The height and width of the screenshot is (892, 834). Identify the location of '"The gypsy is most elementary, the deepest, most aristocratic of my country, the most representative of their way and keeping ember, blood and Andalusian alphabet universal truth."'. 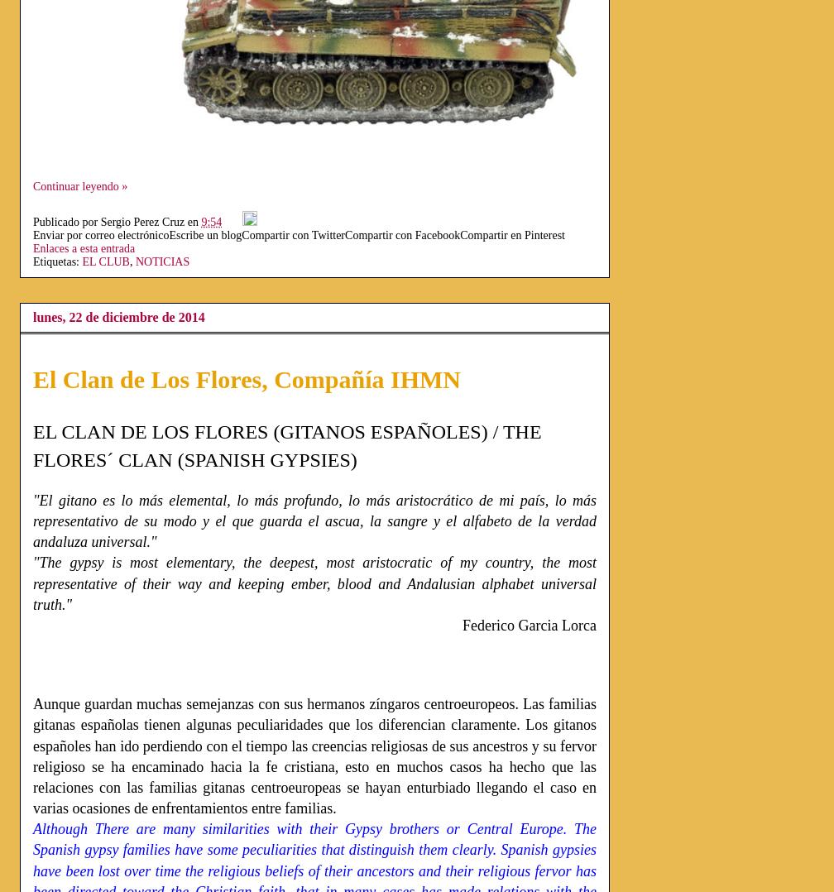
(314, 583).